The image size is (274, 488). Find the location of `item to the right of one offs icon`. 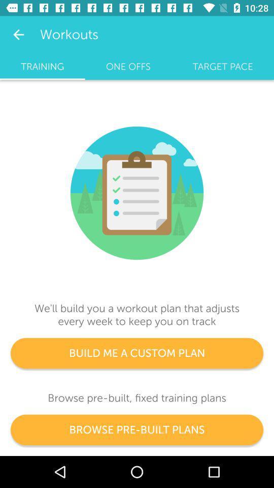

item to the right of one offs icon is located at coordinates (222, 66).